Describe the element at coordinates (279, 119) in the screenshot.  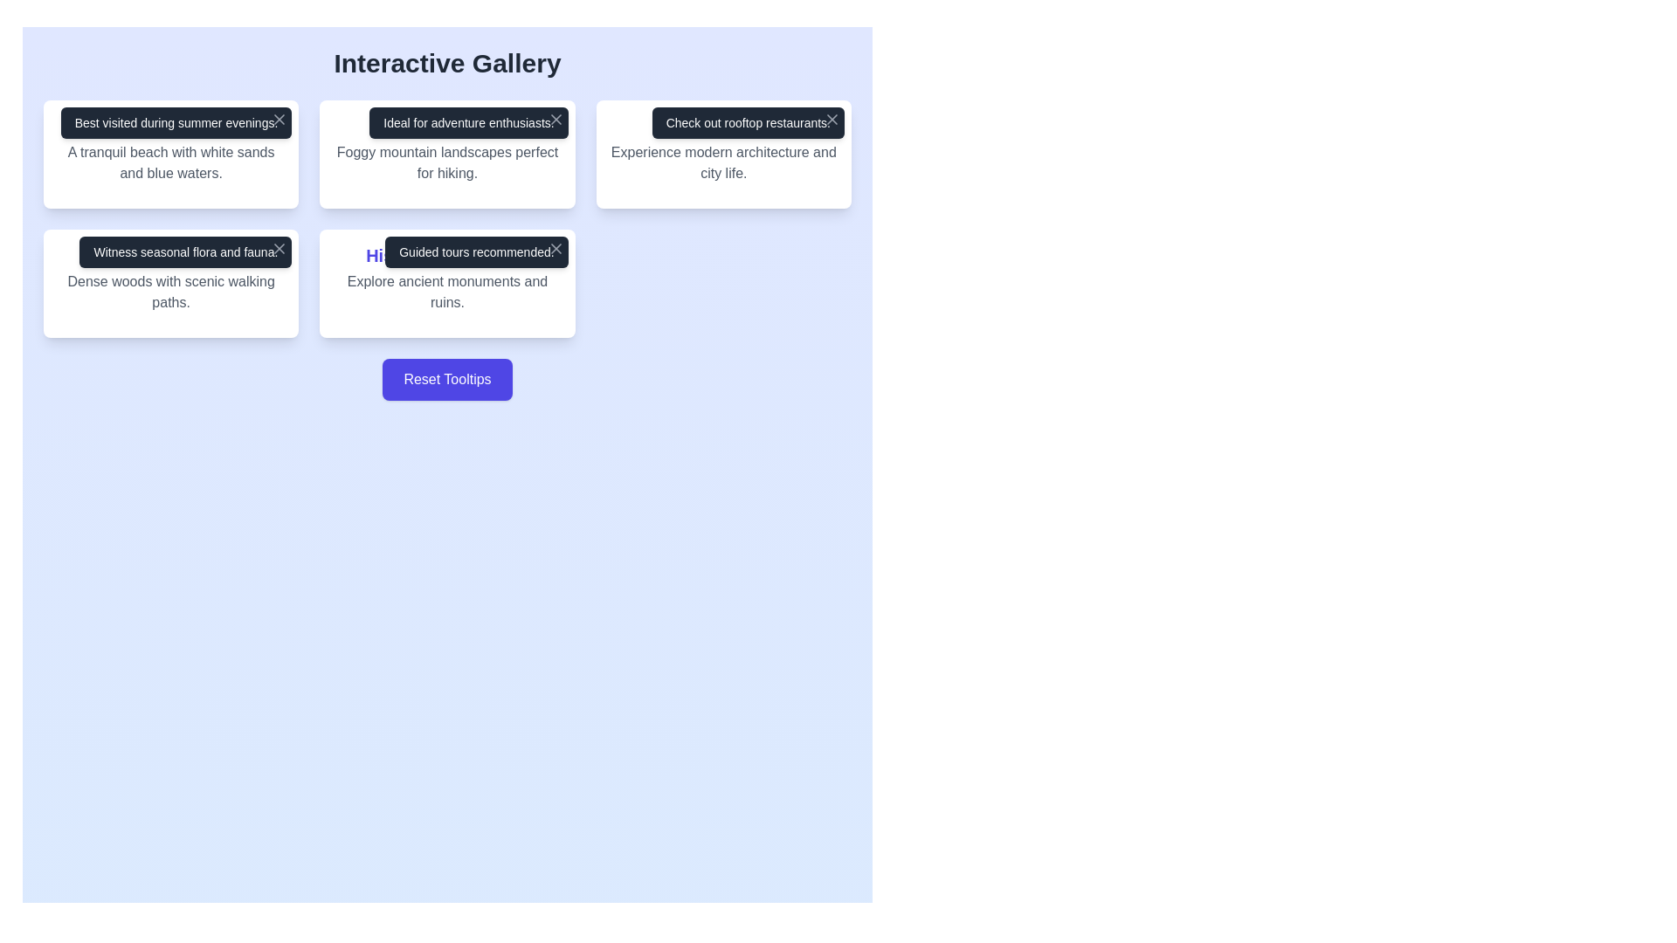
I see `the Close button located at the top-right corner of the tooltip to observe the color change effect` at that location.